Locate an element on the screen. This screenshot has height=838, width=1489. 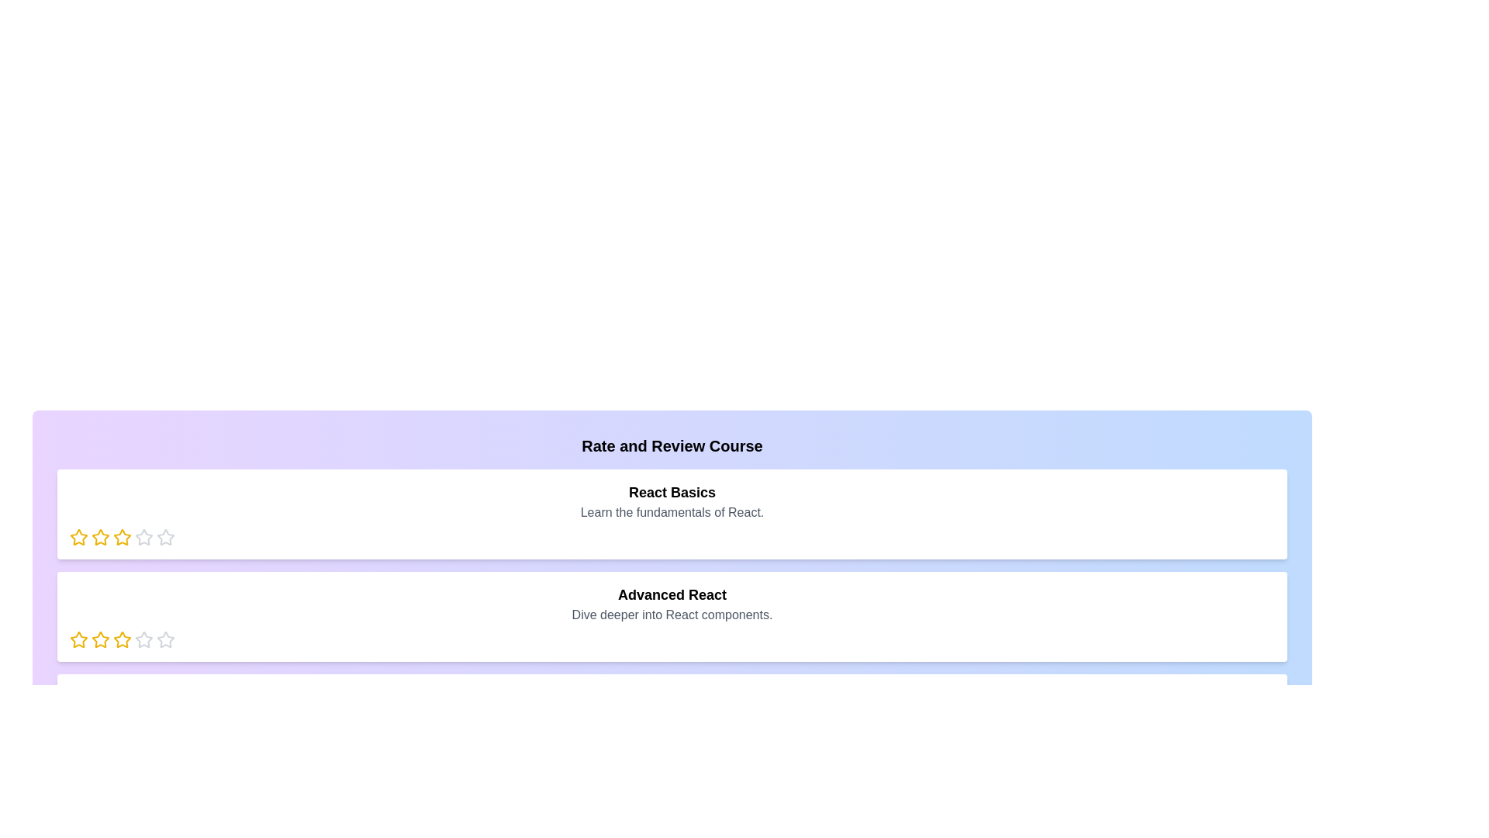
the first yellow outlined star icon in the rating section of the 'Advanced React' course panel is located at coordinates (78, 640).